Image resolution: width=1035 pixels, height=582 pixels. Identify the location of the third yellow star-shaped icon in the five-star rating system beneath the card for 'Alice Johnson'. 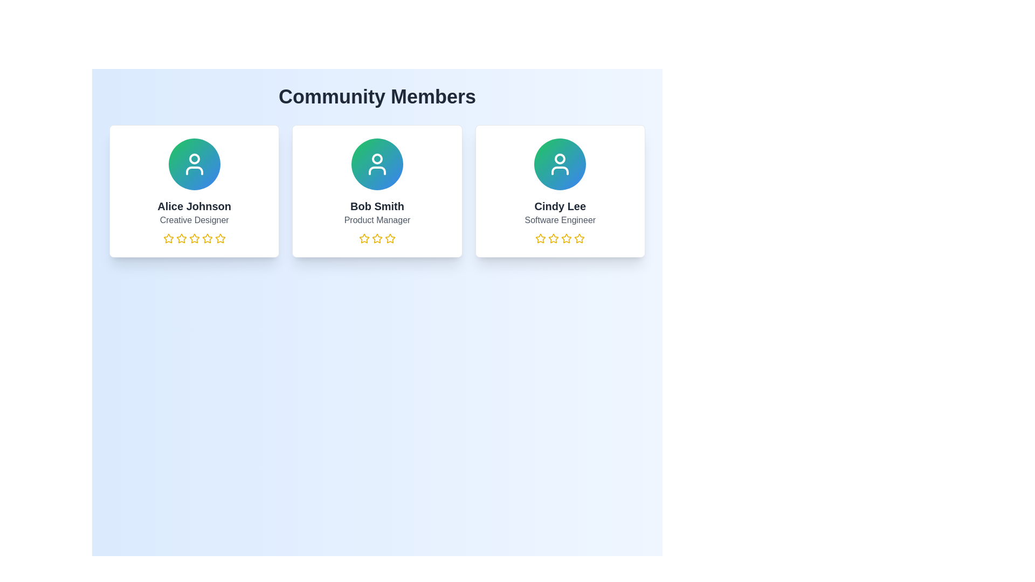
(207, 238).